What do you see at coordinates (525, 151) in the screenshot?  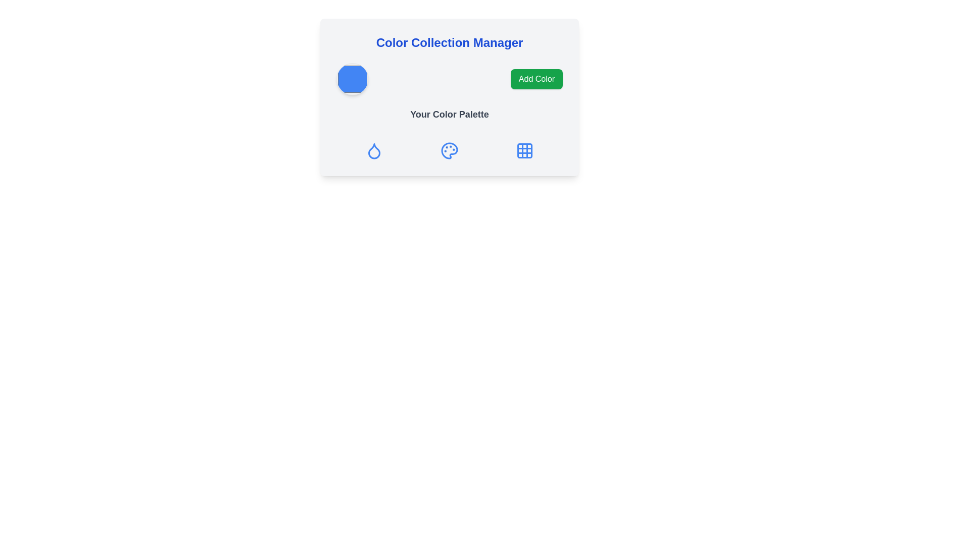 I see `the third icon from the left in the color palette section` at bounding box center [525, 151].